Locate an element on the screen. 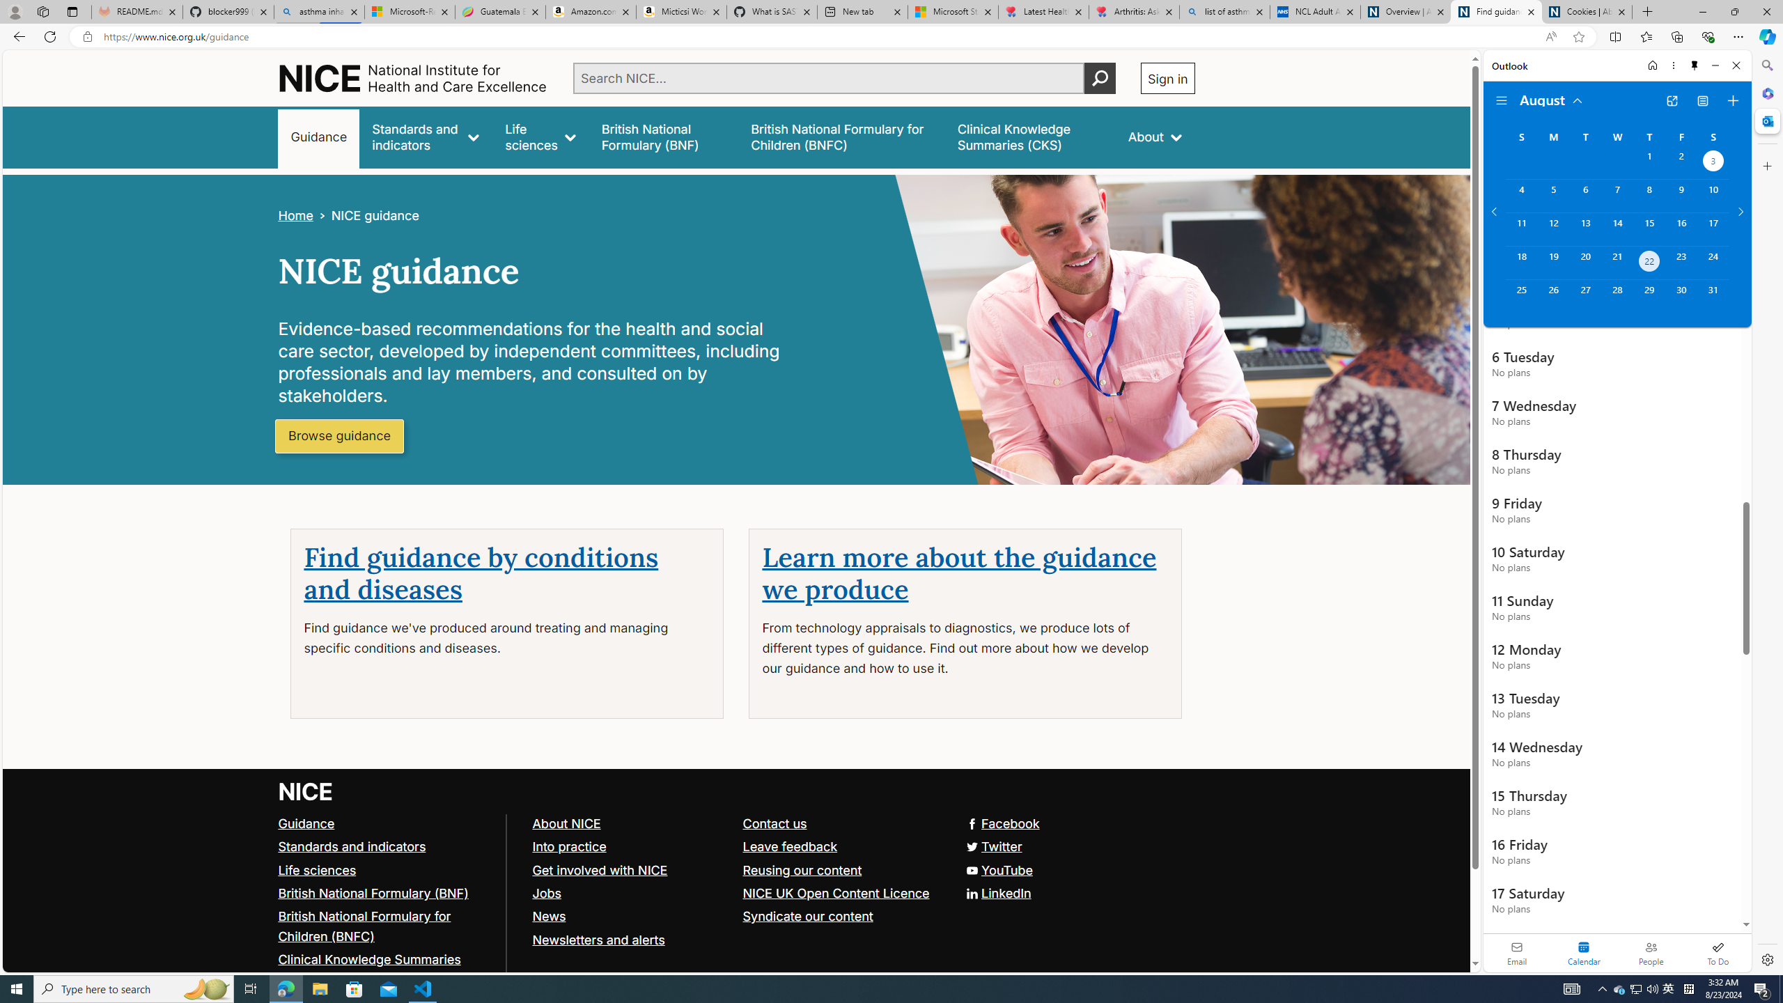  'Leave feedback' is located at coordinates (841, 846).